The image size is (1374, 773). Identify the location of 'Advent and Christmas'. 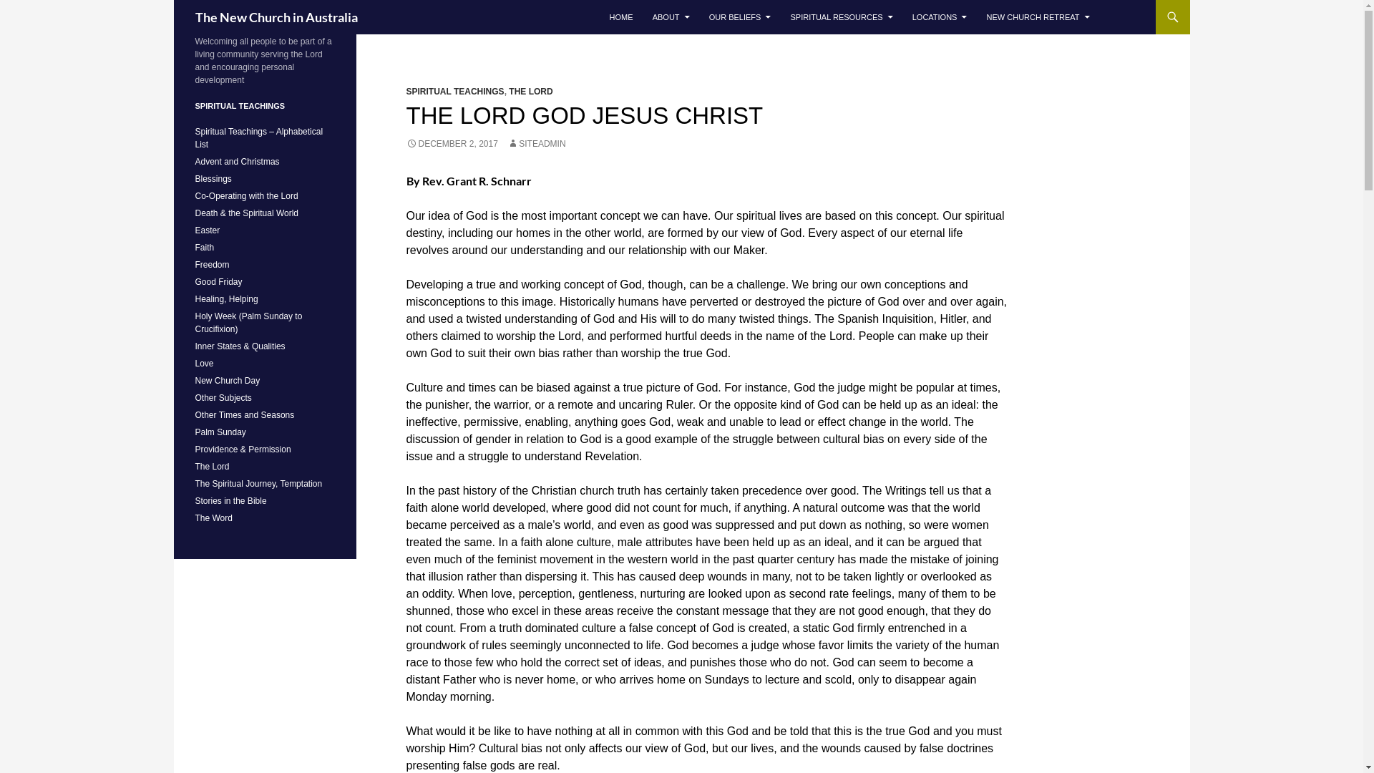
(237, 161).